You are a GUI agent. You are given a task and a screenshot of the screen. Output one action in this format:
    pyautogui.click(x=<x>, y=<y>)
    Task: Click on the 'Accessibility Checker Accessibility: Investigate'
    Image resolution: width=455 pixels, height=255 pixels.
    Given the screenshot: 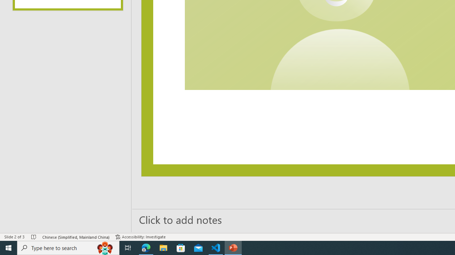 What is the action you would take?
    pyautogui.click(x=140, y=237)
    